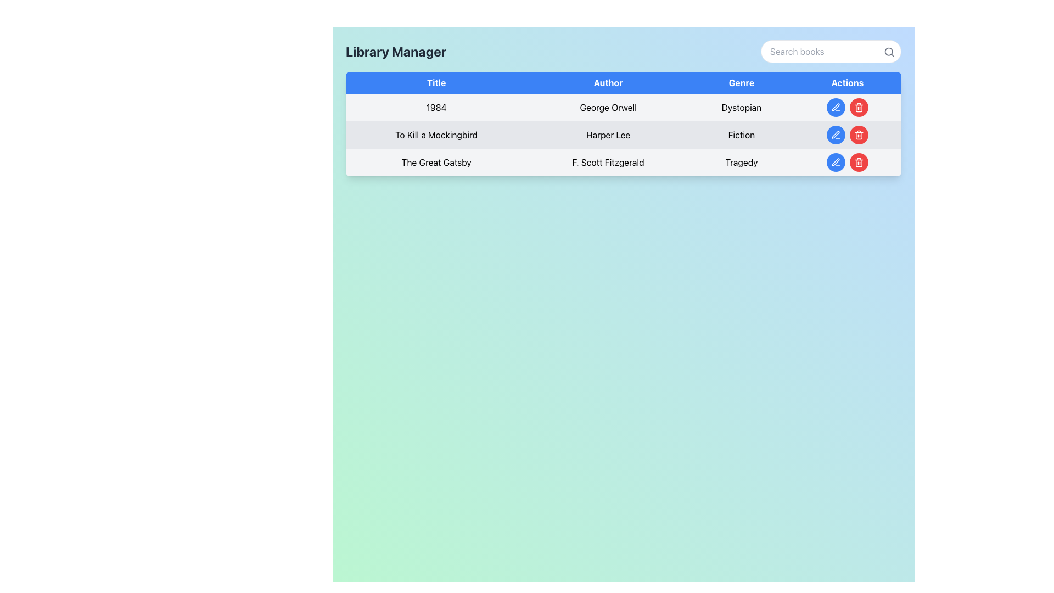 The image size is (1054, 593). I want to click on the magnifying glass icon, which is styled in gray and positioned at the top-right corner of the search input box, so click(889, 52).